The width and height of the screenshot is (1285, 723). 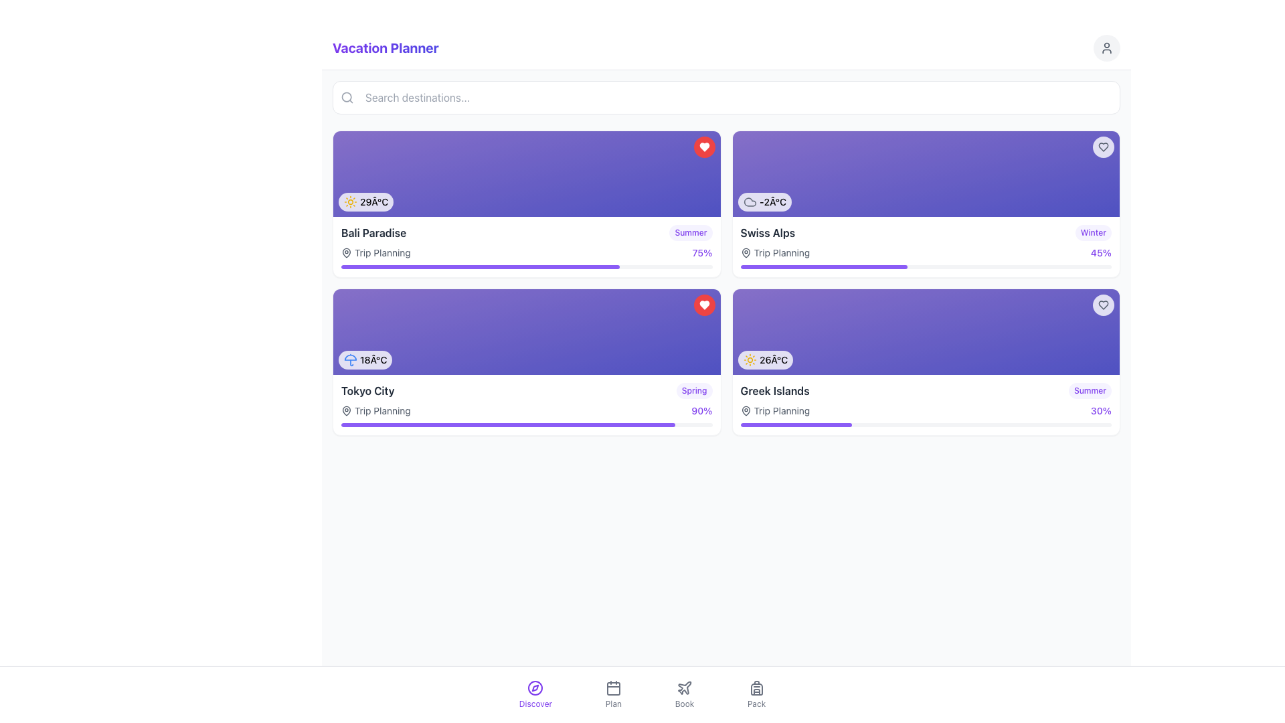 I want to click on the 'Summer' tag/label located in the 'Bali Paradise' section, positioned to the right of the text 'Bali Paradise', so click(x=691, y=232).